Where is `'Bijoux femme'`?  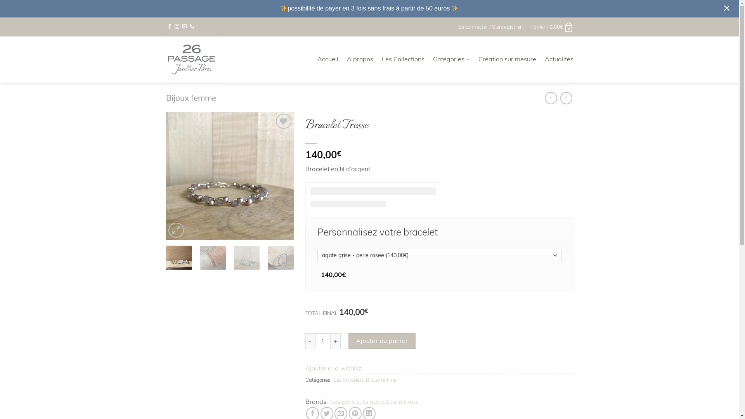 'Bijoux femme' is located at coordinates (381, 379).